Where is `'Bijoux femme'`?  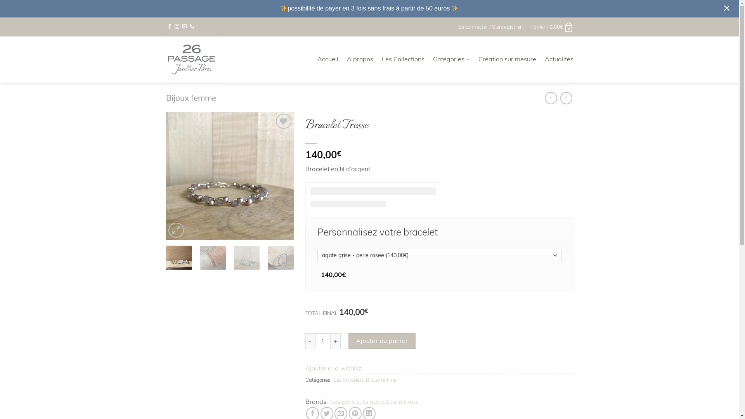 'Bijoux femme' is located at coordinates (381, 379).